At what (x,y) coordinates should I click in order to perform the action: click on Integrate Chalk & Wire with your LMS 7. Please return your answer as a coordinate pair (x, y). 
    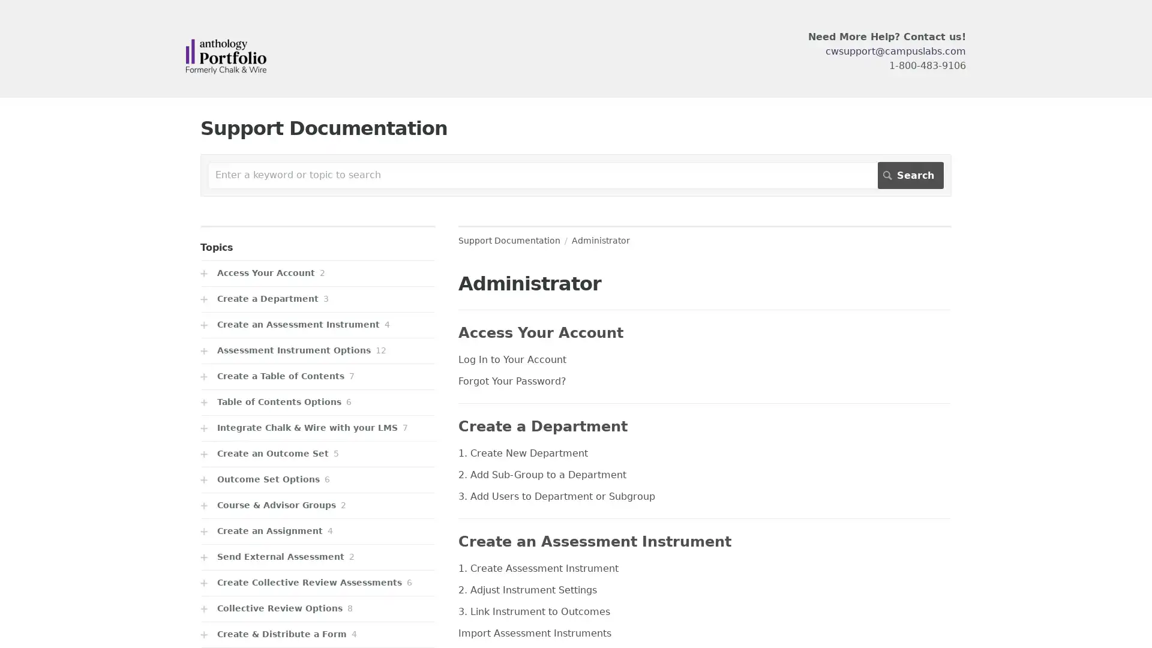
    Looking at the image, I should click on (317, 427).